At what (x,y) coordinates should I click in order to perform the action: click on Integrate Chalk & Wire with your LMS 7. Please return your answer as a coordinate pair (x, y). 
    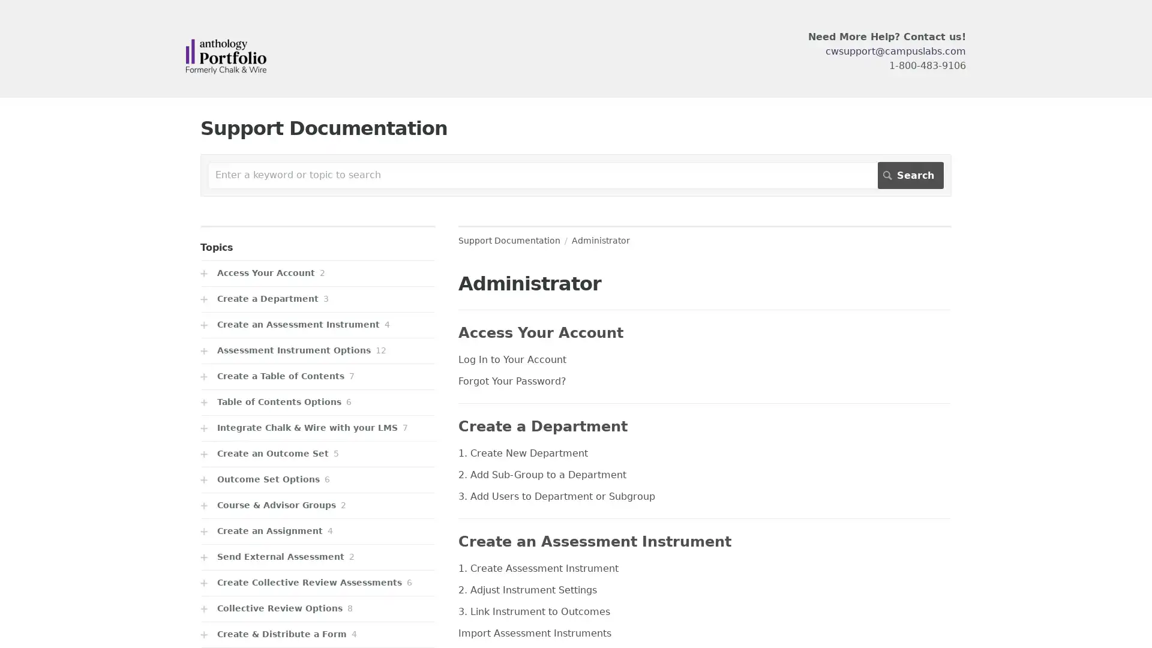
    Looking at the image, I should click on (317, 427).